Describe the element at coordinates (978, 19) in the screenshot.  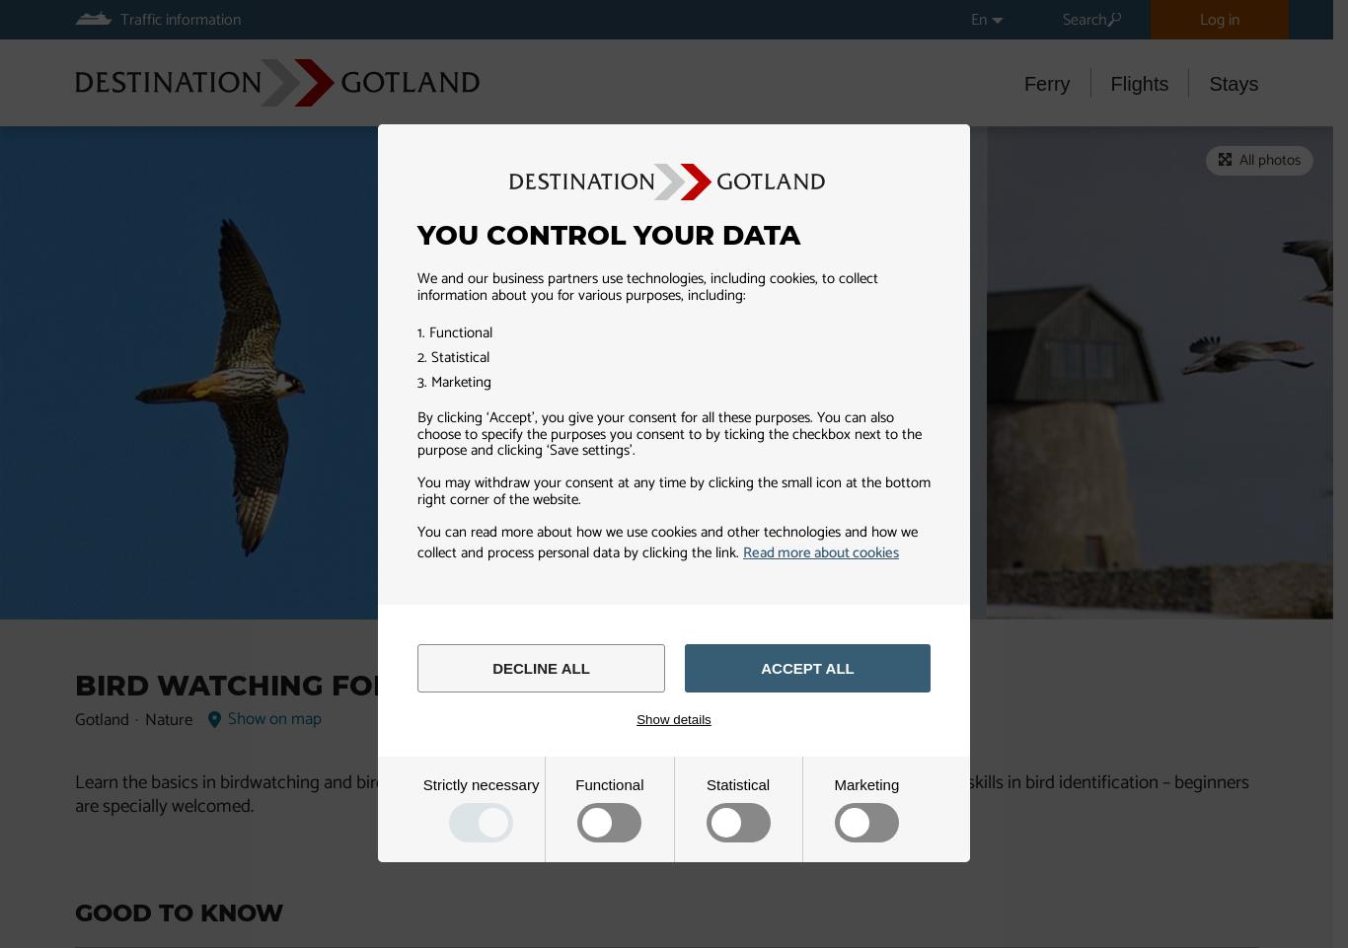
I see `'en'` at that location.